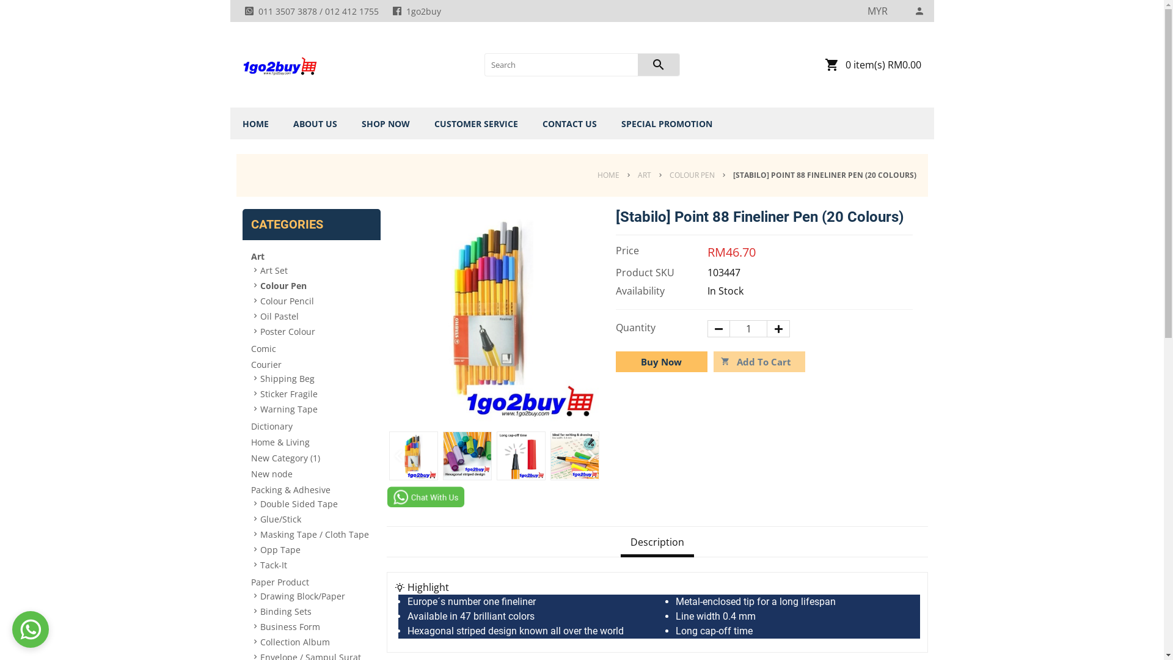 The width and height of the screenshot is (1173, 660). Describe the element at coordinates (260, 504) in the screenshot. I see `'Double Sided Tape'` at that location.